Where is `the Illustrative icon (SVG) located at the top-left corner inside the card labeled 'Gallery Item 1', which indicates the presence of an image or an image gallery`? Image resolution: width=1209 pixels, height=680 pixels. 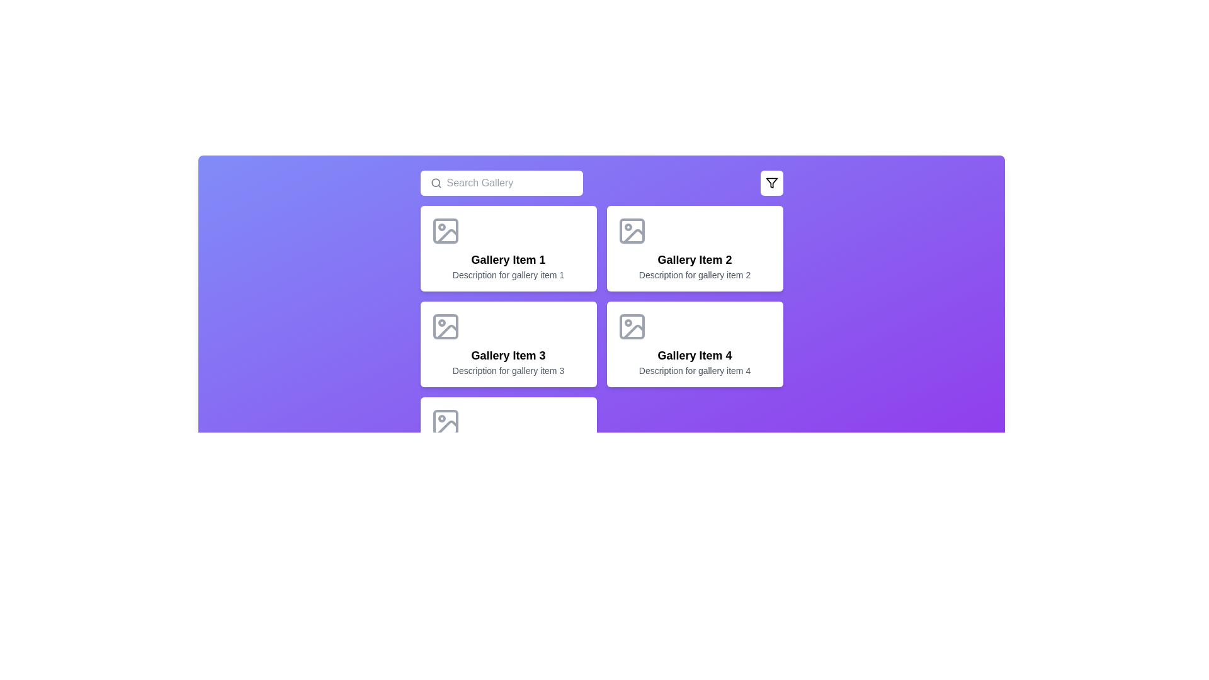 the Illustrative icon (SVG) located at the top-left corner inside the card labeled 'Gallery Item 1', which indicates the presence of an image or an image gallery is located at coordinates (445, 230).